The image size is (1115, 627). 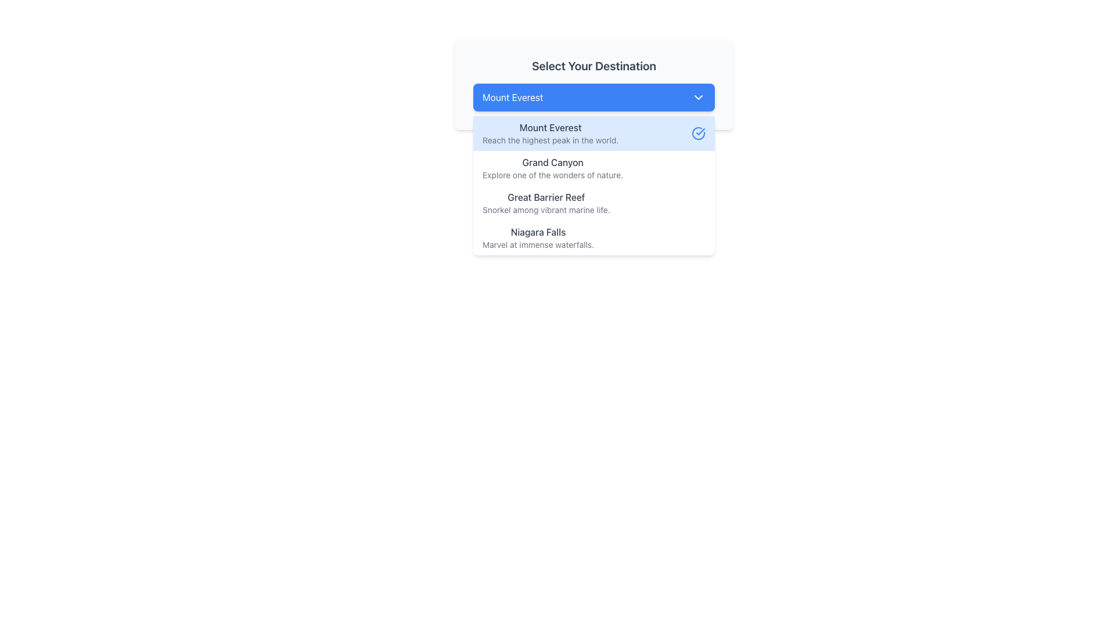 I want to click on the blue dropdown button labeled 'Mount Everest' below the title 'Select Your Destination', so click(x=594, y=84).